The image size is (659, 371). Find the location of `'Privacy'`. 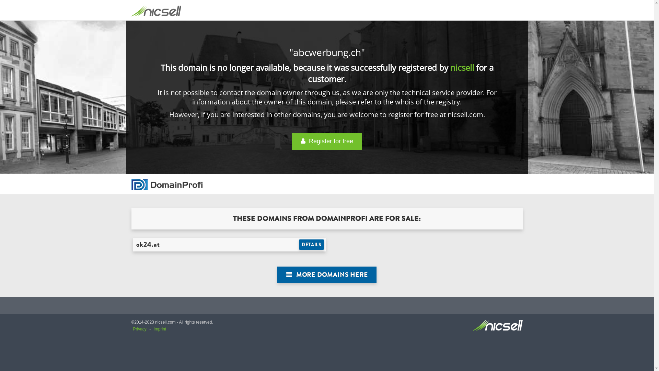

'Privacy' is located at coordinates (133, 328).